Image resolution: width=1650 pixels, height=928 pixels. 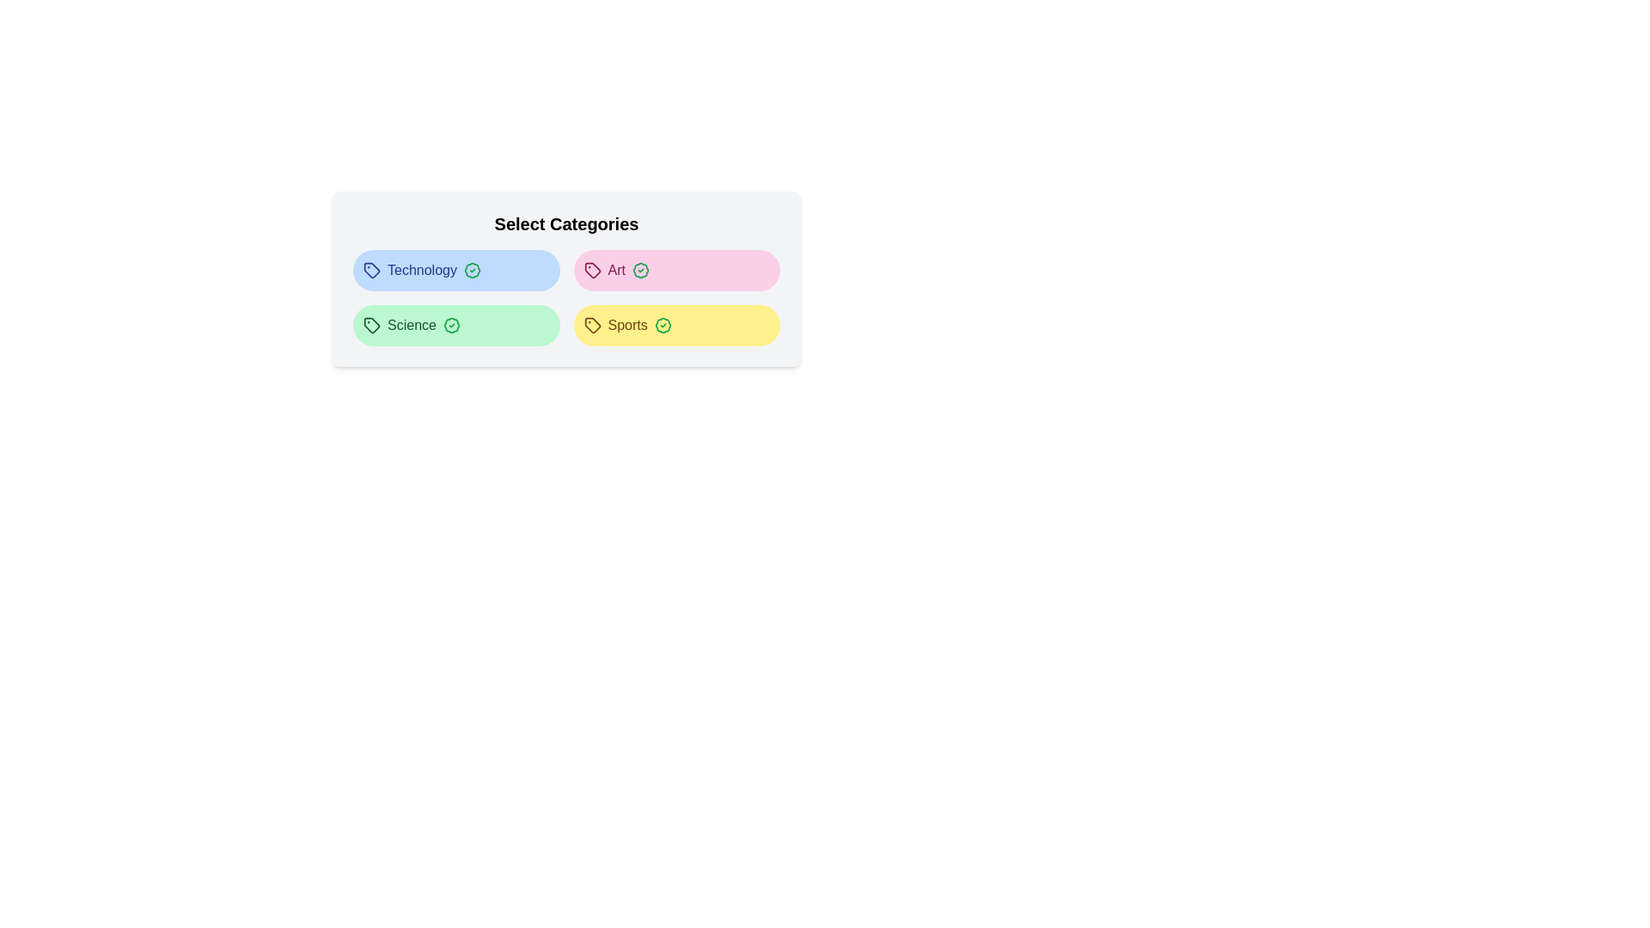 I want to click on the category tag labeled Sports, so click(x=675, y=325).